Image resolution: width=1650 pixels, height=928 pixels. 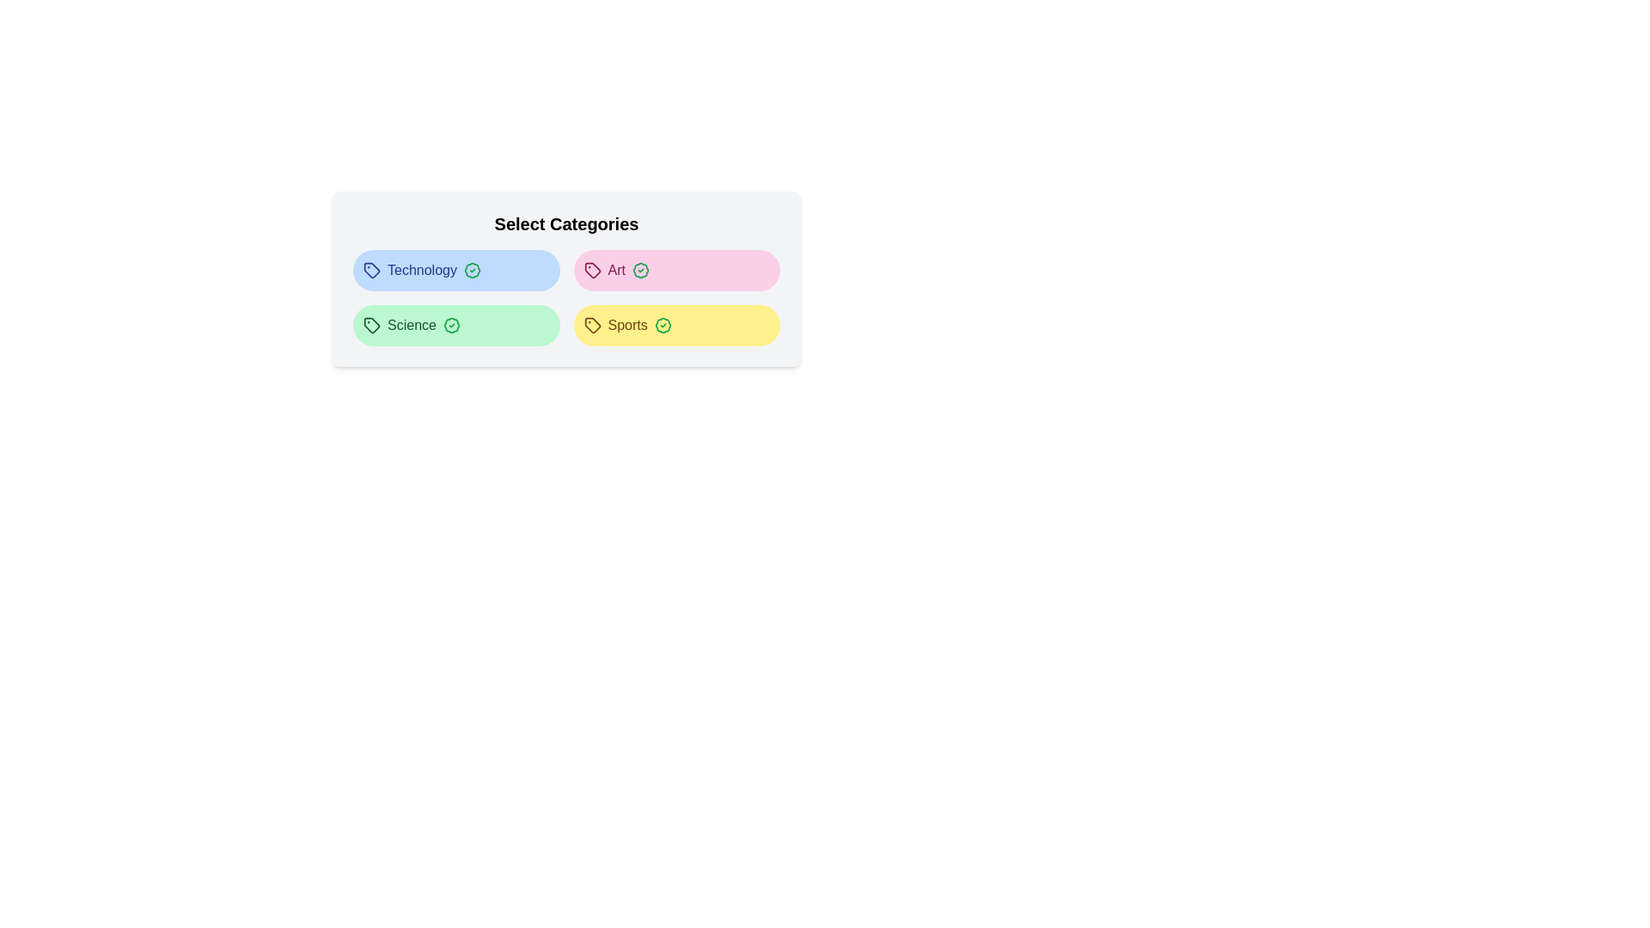 I want to click on the category tag labeled Sports, so click(x=675, y=325).